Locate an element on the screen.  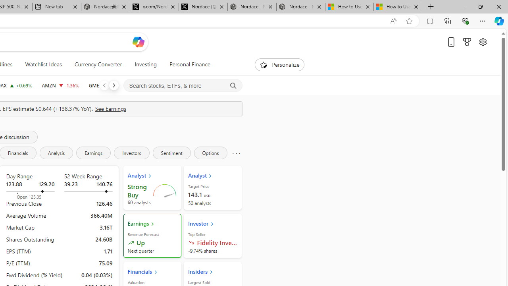
'x.com/NordaceOfficial' is located at coordinates (154, 7).